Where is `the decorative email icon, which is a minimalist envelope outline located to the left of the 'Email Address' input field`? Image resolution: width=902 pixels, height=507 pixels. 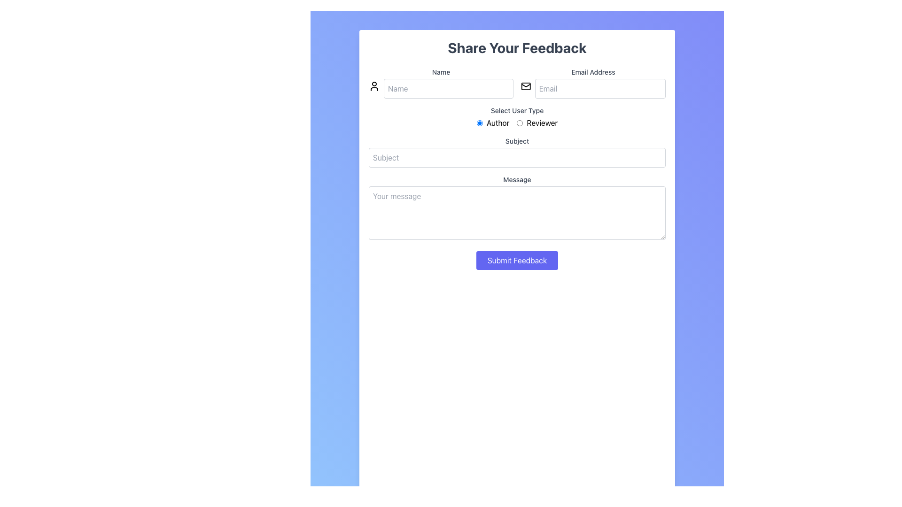 the decorative email icon, which is a minimalist envelope outline located to the left of the 'Email Address' input field is located at coordinates (525, 86).